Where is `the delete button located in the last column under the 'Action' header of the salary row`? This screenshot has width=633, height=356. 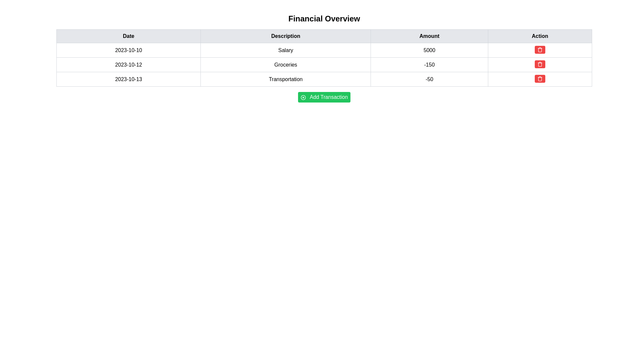
the delete button located in the last column under the 'Action' header of the salary row is located at coordinates (540, 50).